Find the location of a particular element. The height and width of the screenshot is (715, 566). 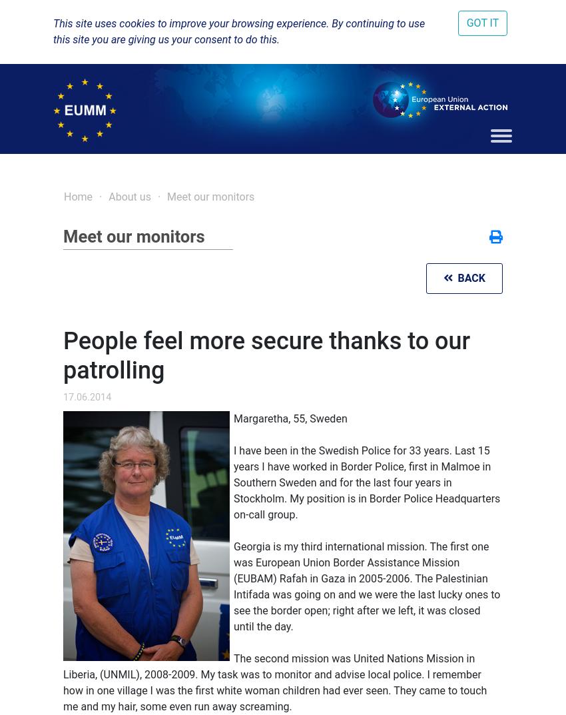

'People feel more secure thanks to our patrolling' is located at coordinates (63, 355).